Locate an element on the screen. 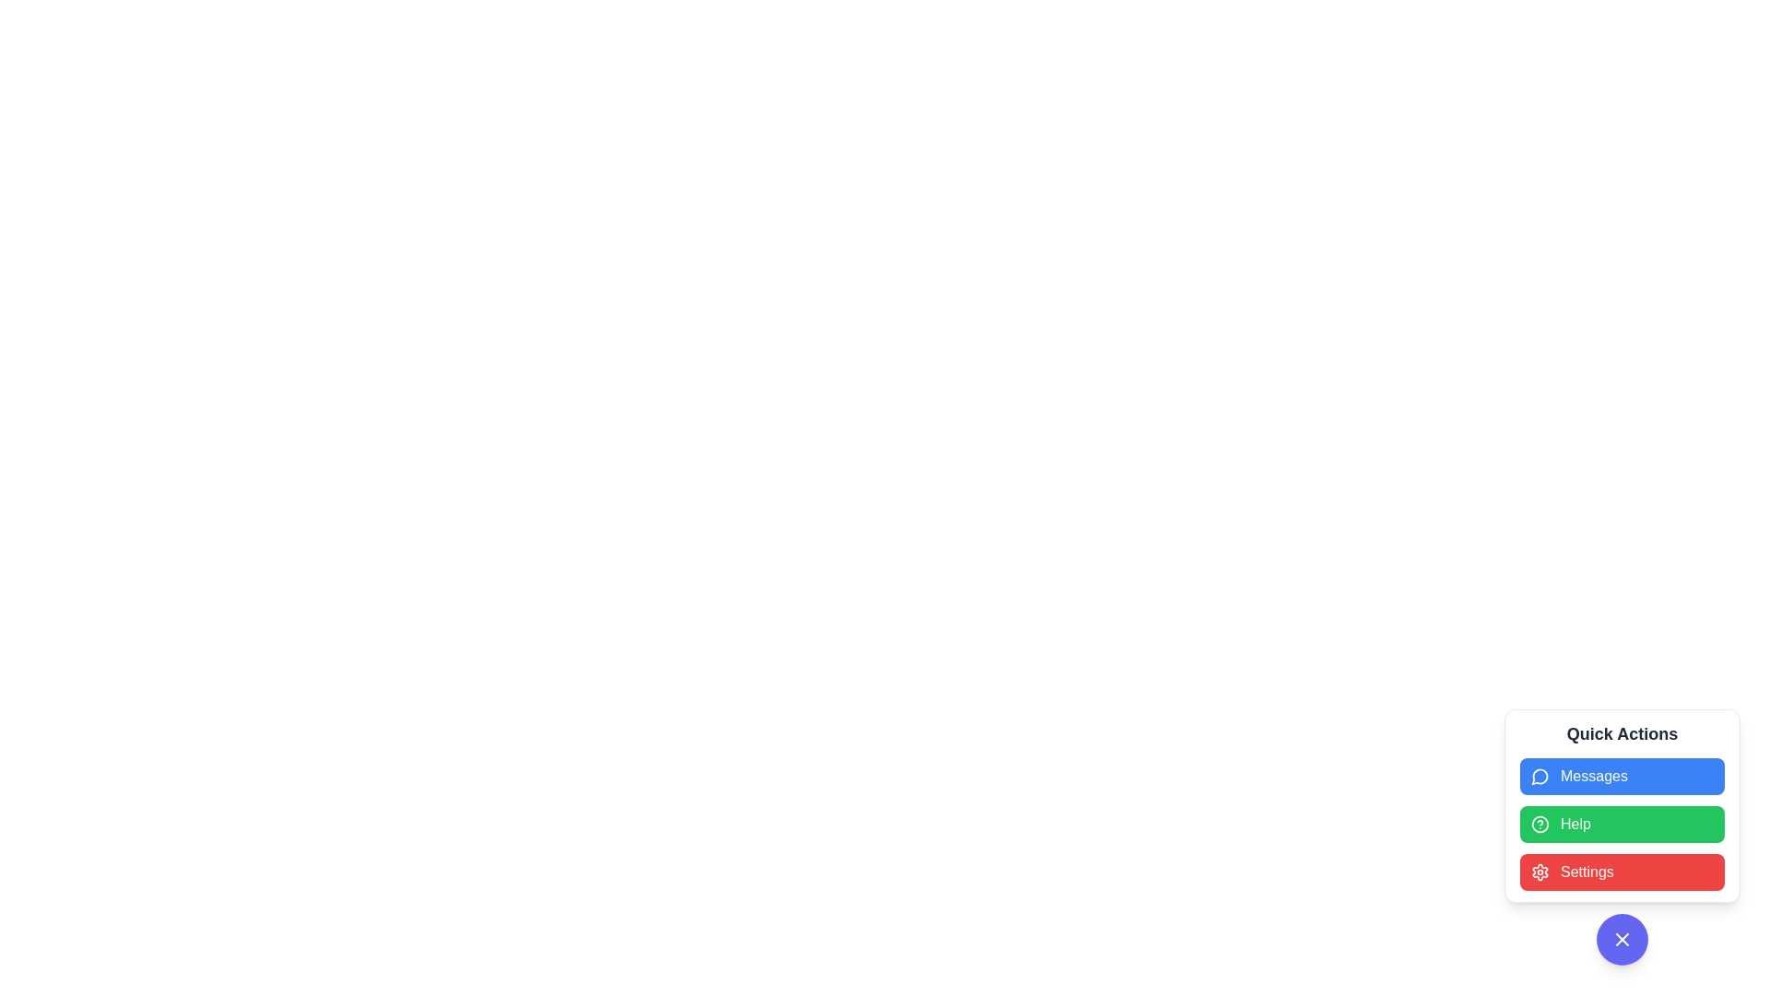  the circular indigo button with an 'X' icon at its center, located at the bottom-right corner of the 'Quick Actions' card is located at coordinates (1622, 939).